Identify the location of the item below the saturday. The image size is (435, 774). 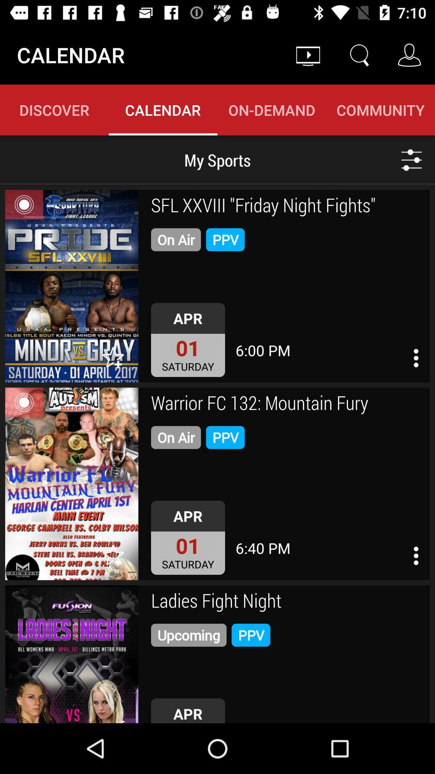
(287, 404).